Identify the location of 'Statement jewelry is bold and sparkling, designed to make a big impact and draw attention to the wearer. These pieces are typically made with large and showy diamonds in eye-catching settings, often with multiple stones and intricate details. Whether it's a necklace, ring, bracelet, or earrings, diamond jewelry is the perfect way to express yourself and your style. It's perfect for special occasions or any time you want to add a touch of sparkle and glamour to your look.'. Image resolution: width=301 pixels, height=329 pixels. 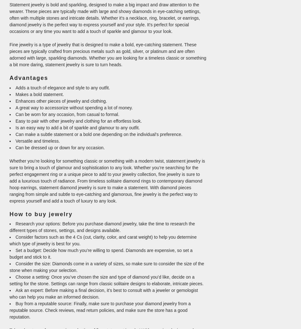
(10, 17).